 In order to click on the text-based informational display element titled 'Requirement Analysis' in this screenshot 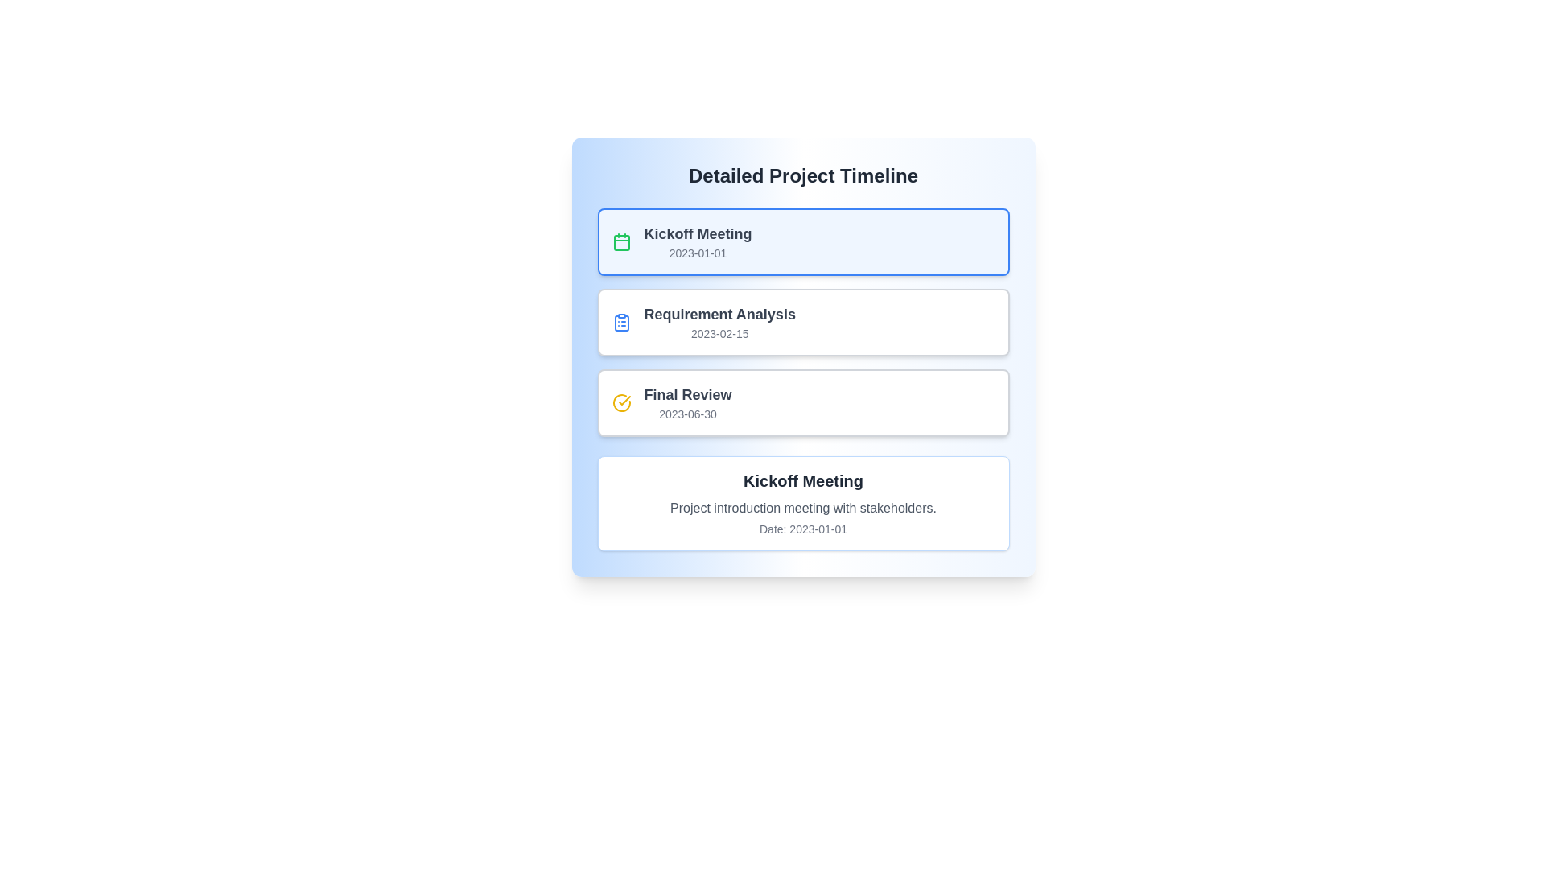, I will do `click(719, 323)`.